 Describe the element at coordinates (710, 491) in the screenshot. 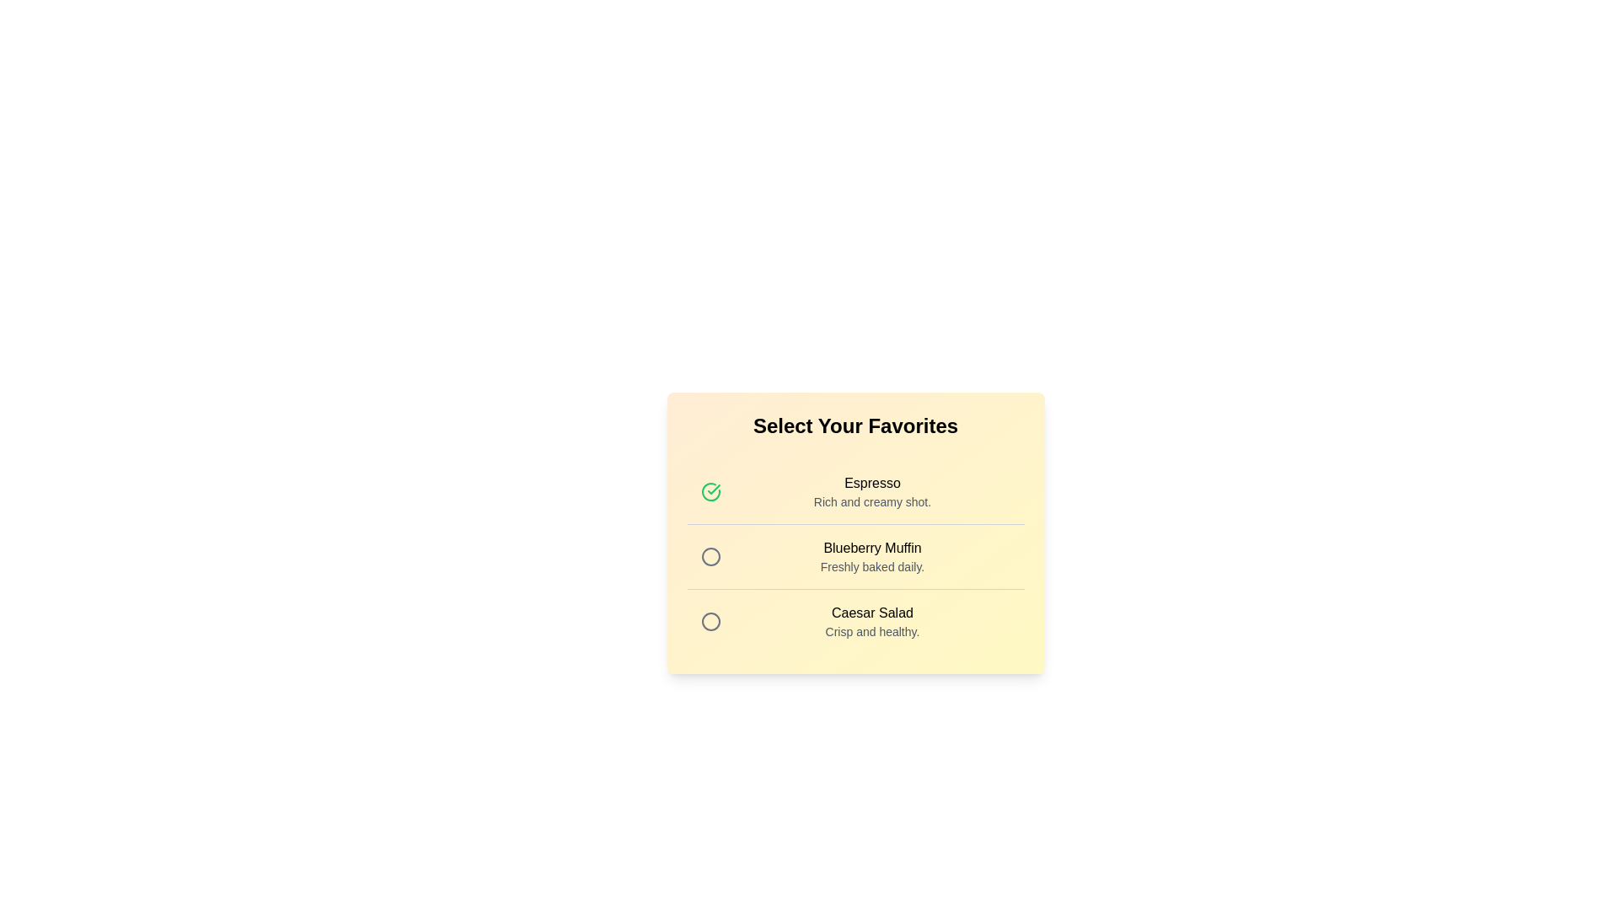

I see `the menu item Espresso` at that location.